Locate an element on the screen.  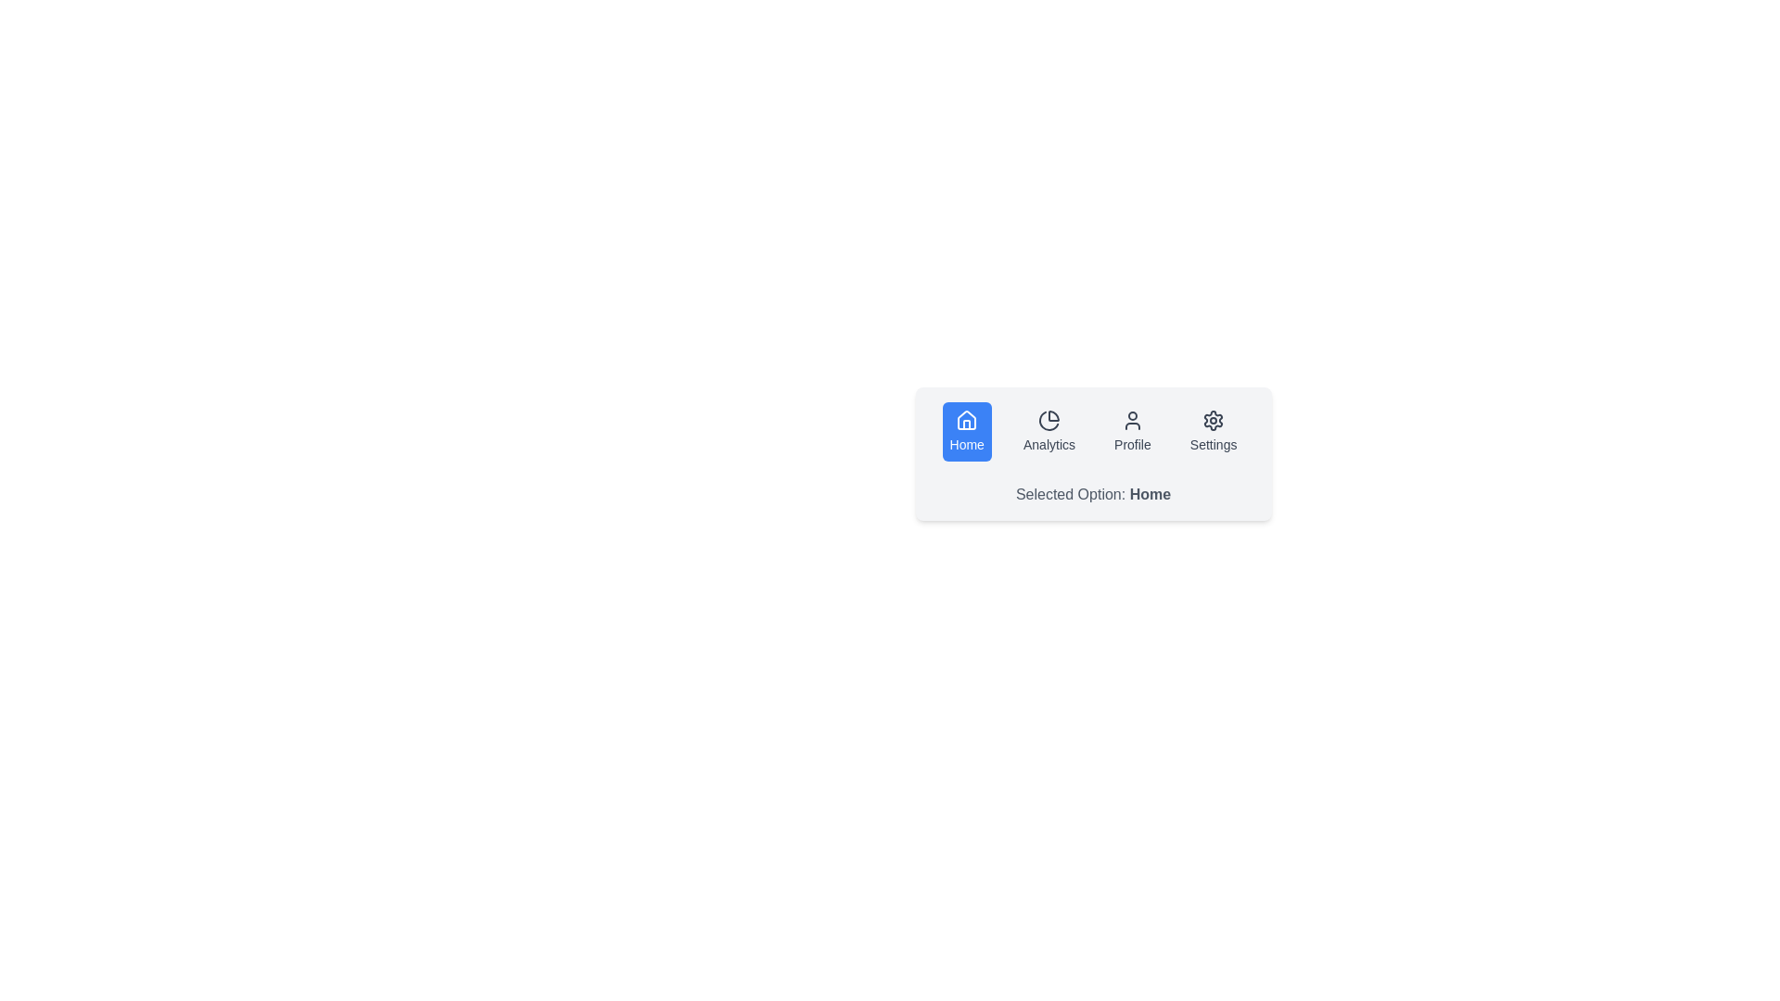
the Text label that describes the 'Analytics' button, positioned below the pie chart icon is located at coordinates (1049, 444).